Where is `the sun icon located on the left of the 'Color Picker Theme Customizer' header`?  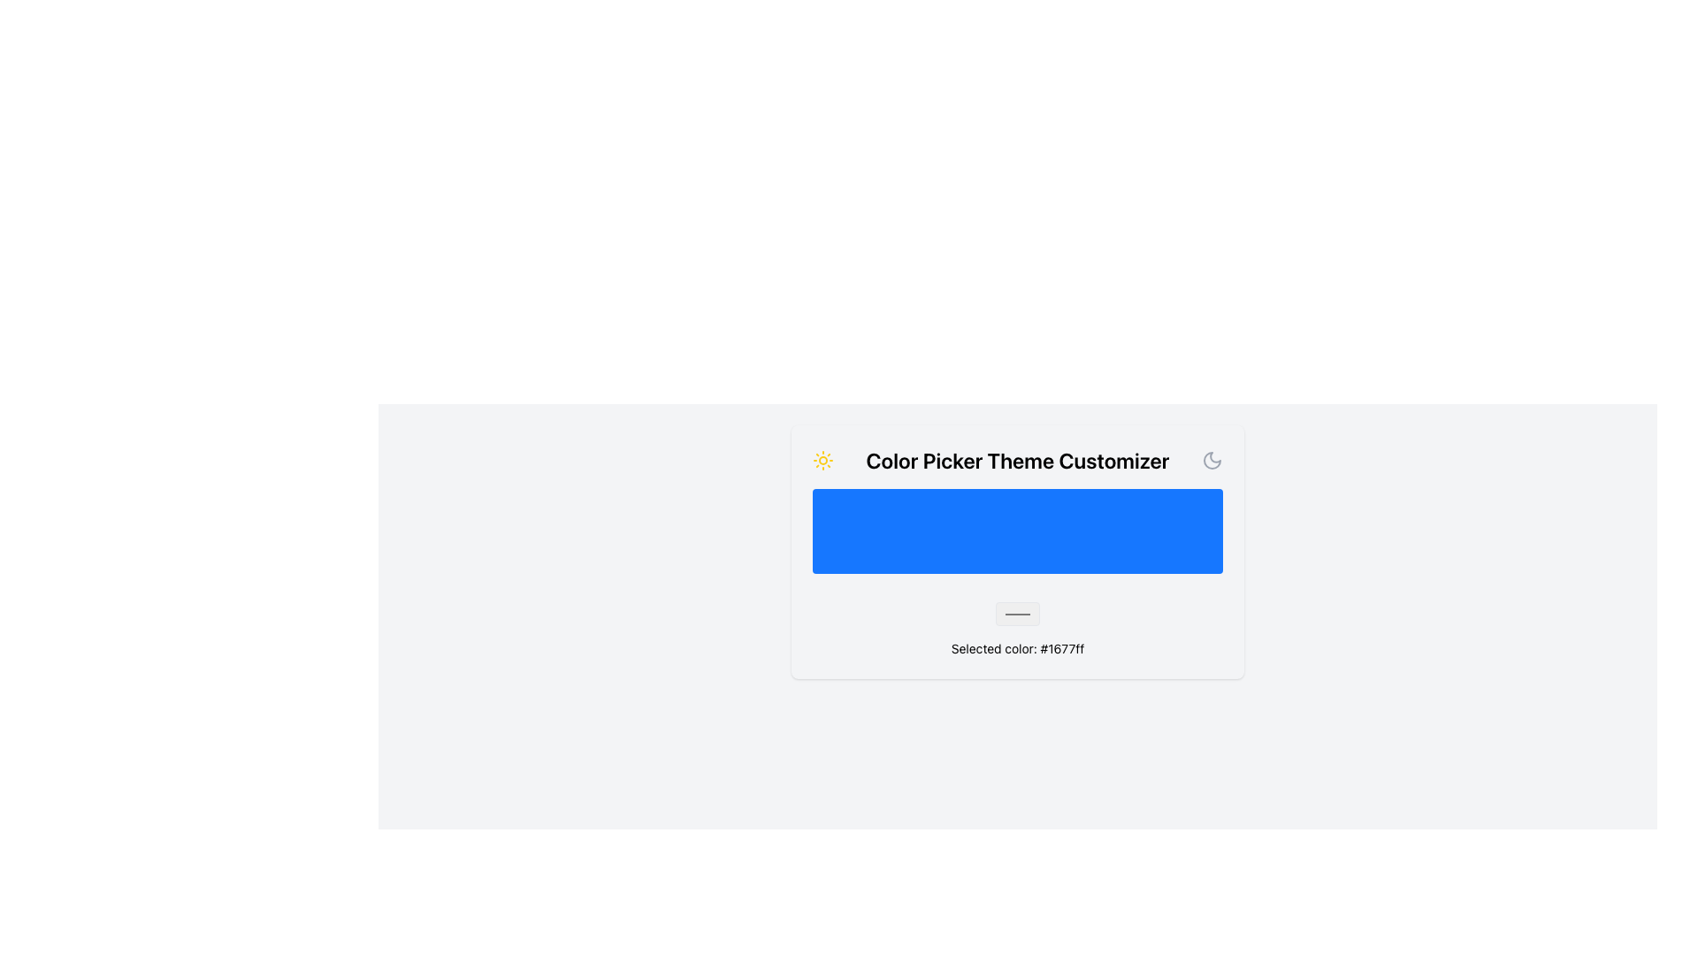
the sun icon located on the left of the 'Color Picker Theme Customizer' header is located at coordinates (822, 459).